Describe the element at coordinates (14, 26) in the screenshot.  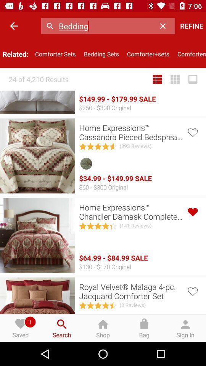
I see `item above related: item` at that location.